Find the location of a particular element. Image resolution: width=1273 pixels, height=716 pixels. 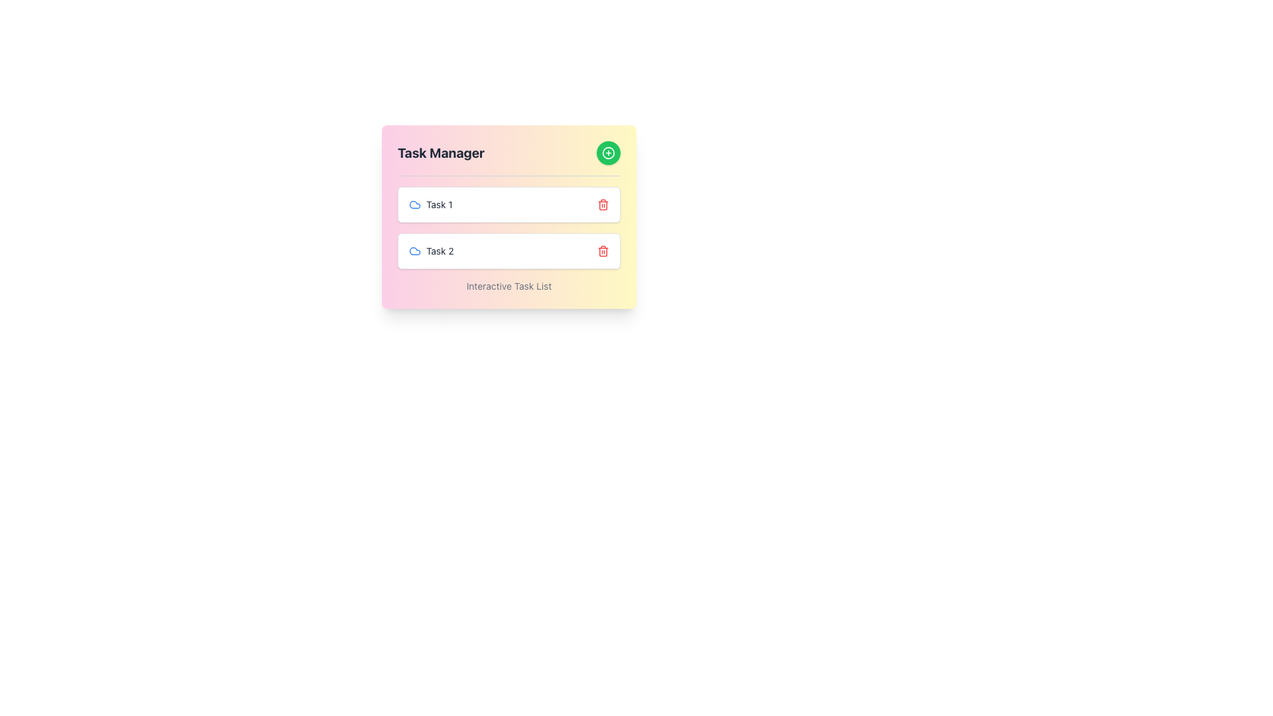

the task label in the second row of the task management interface, which is positioned to the right of a cloud icon and to the left of a red delete icon is located at coordinates (440, 251).